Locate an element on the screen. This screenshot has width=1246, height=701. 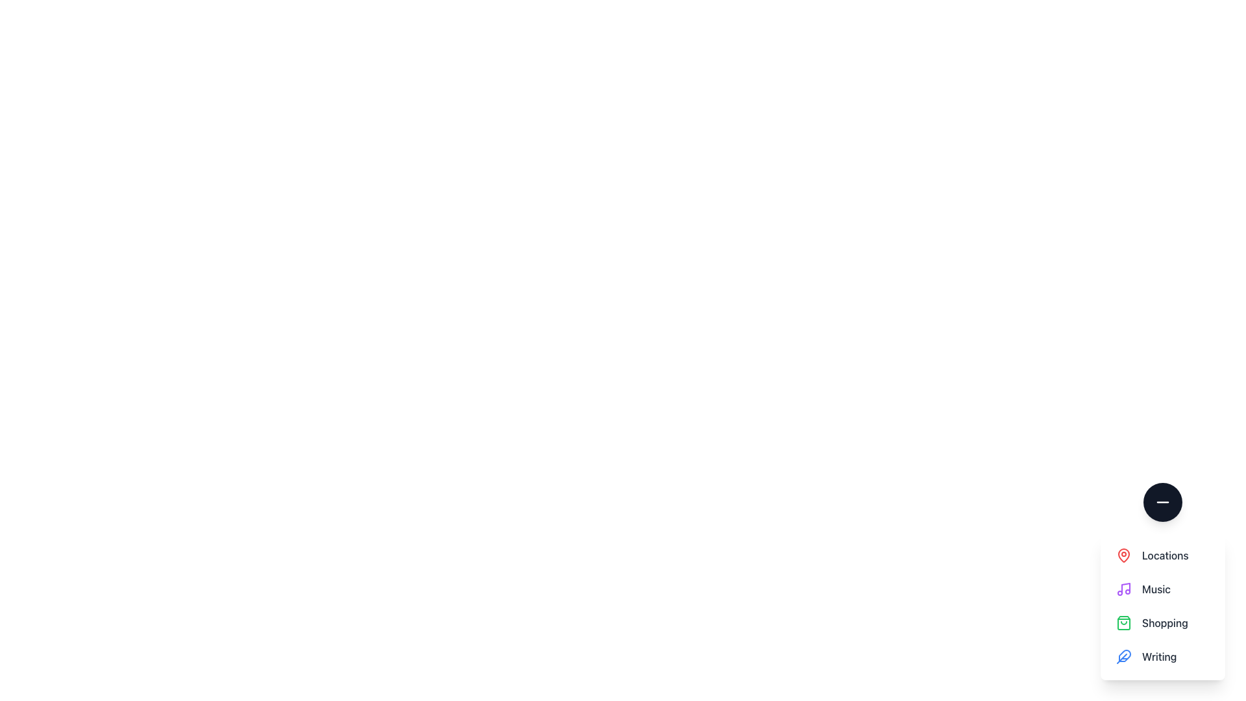
the feather-shaped blue icon located to the left of the 'Writing' text label in the menu is located at coordinates (1123, 656).